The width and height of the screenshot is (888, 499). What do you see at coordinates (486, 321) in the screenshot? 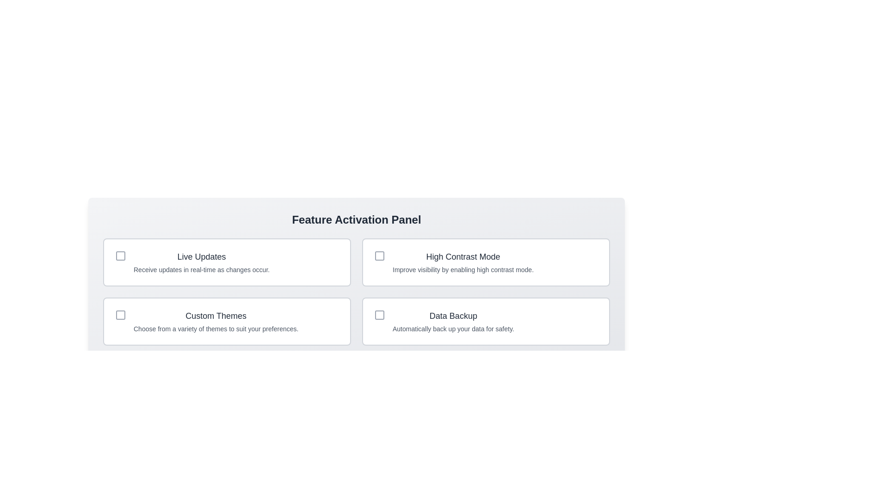
I see `the checkbox on the 'Data Backup' Feature Selection Card located at the bottom-right of the grid` at bounding box center [486, 321].